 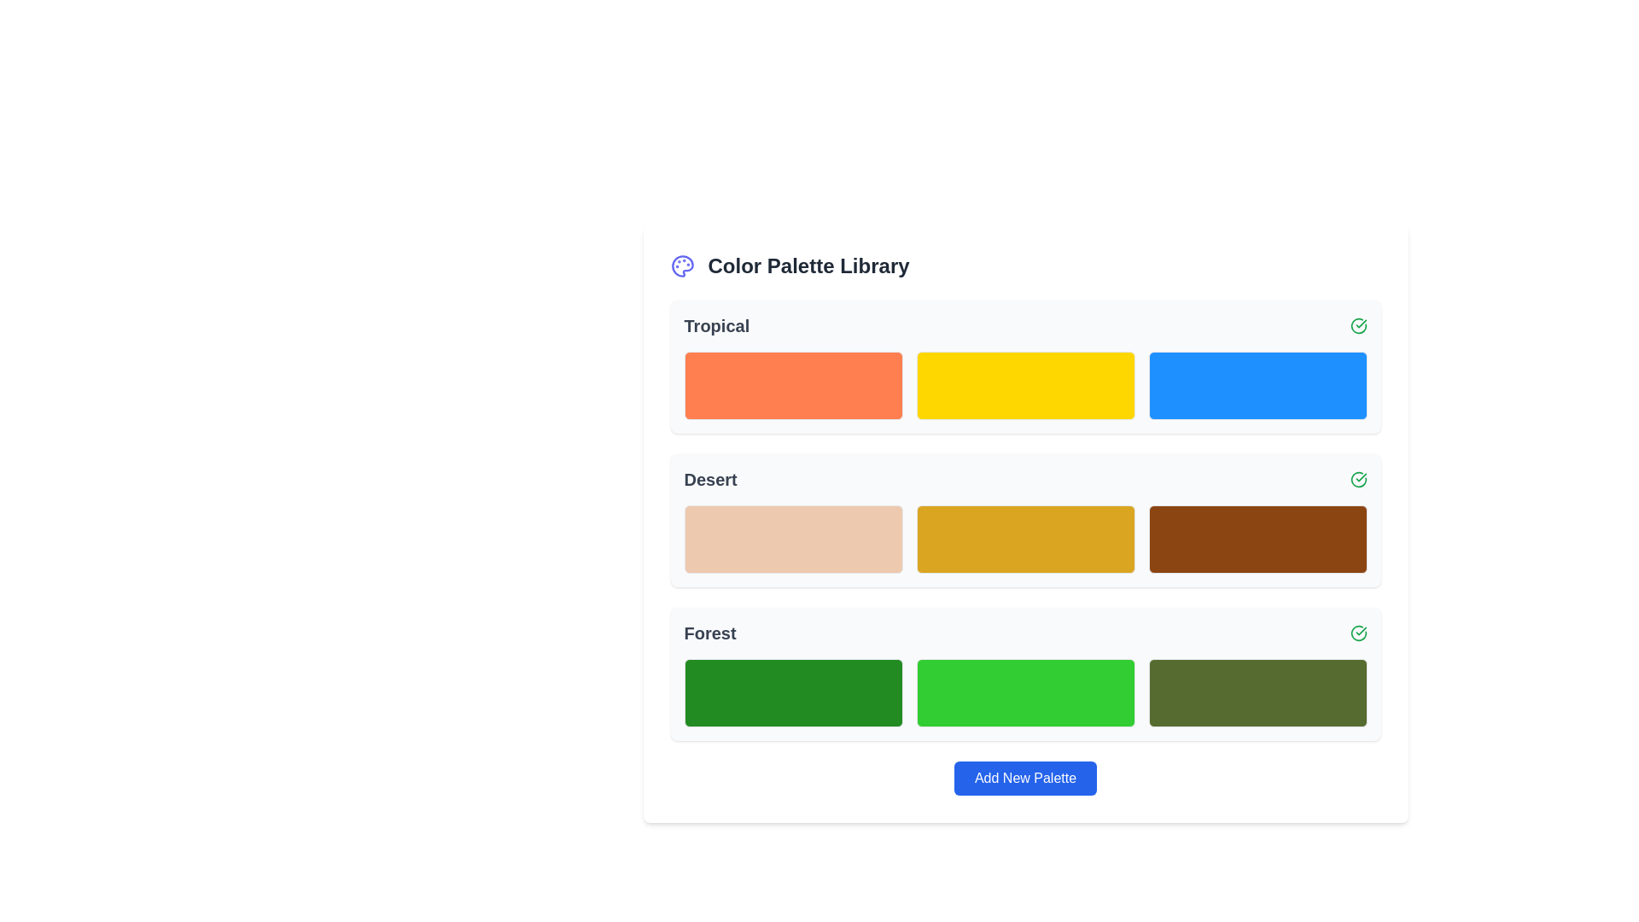 I want to click on the second color block in the Forest palette, which is part of the color palette layout, so click(x=1024, y=674).